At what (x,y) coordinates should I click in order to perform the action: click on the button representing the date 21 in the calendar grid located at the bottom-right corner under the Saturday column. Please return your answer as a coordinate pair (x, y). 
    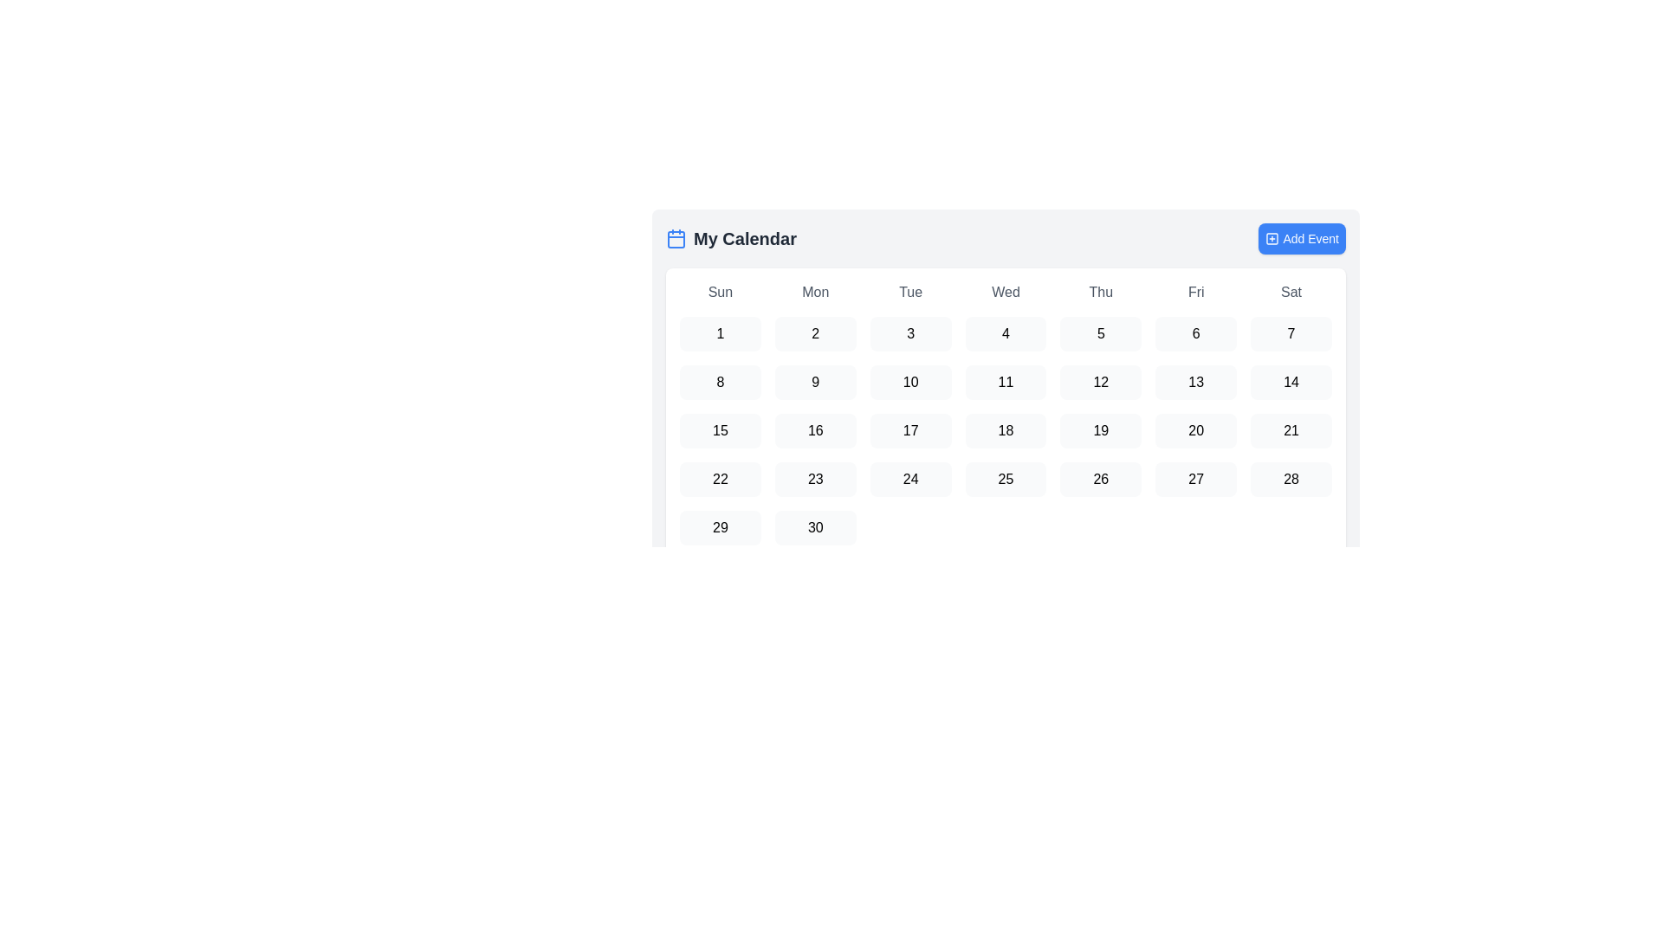
    Looking at the image, I should click on (1291, 429).